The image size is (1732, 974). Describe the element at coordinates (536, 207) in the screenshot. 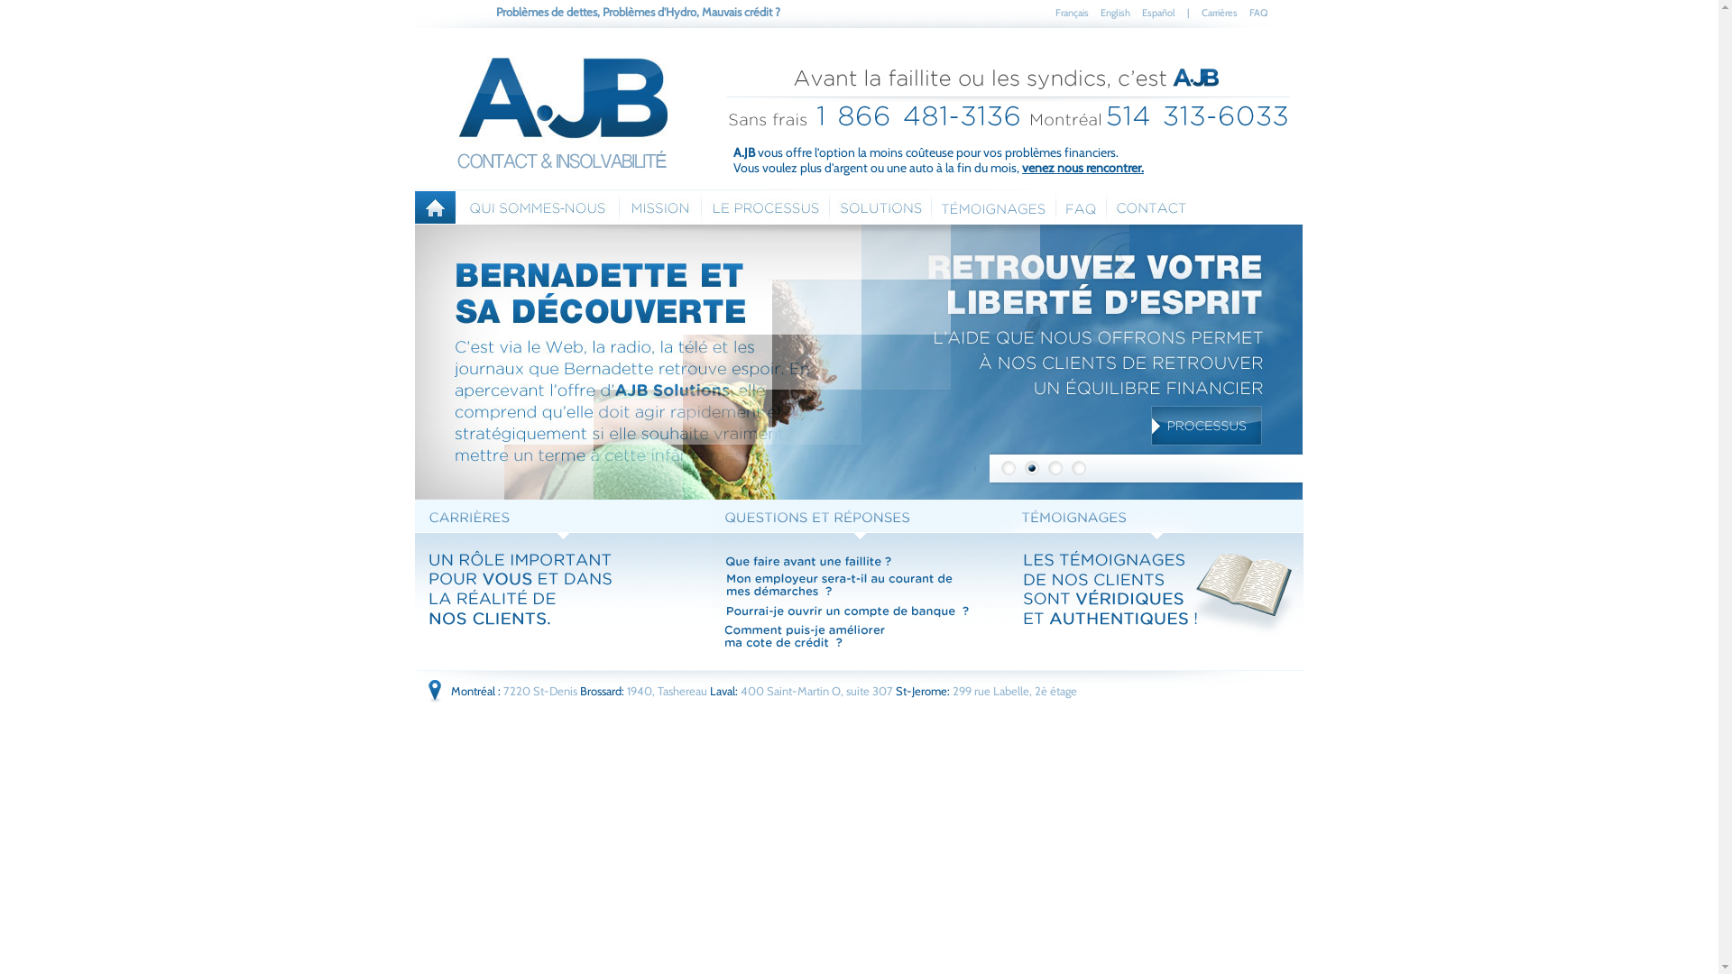

I see `'Qui sommes nous'` at that location.